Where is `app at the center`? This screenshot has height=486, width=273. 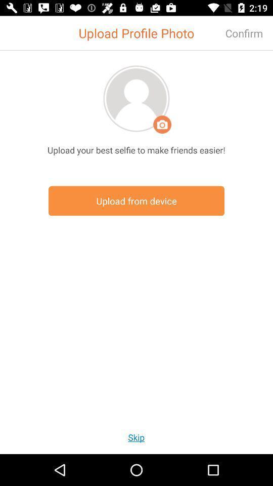
app at the center is located at coordinates (136, 200).